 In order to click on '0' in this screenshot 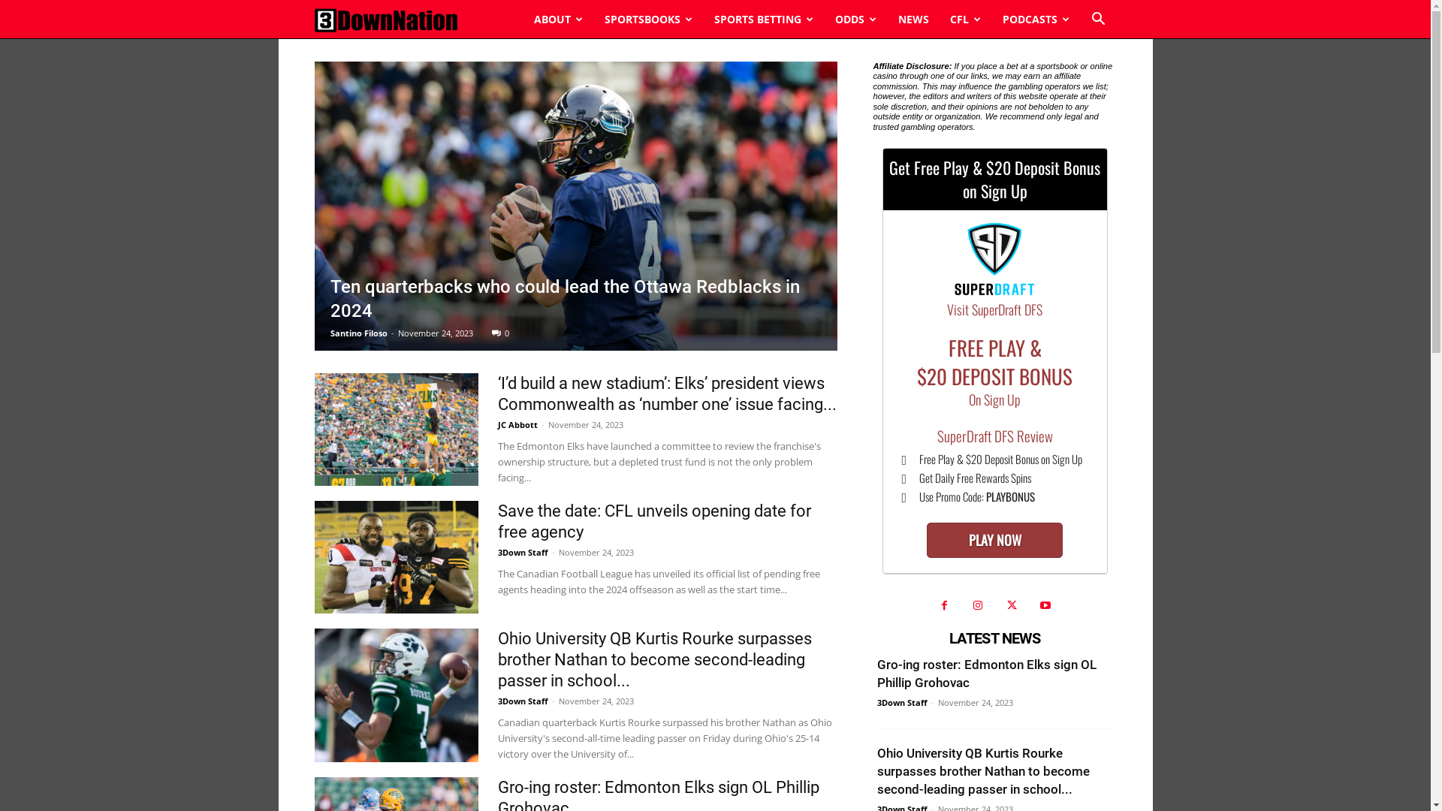, I will do `click(499, 332)`.